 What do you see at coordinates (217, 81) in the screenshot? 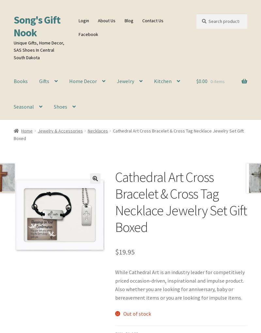
I see `'0 items'` at bounding box center [217, 81].